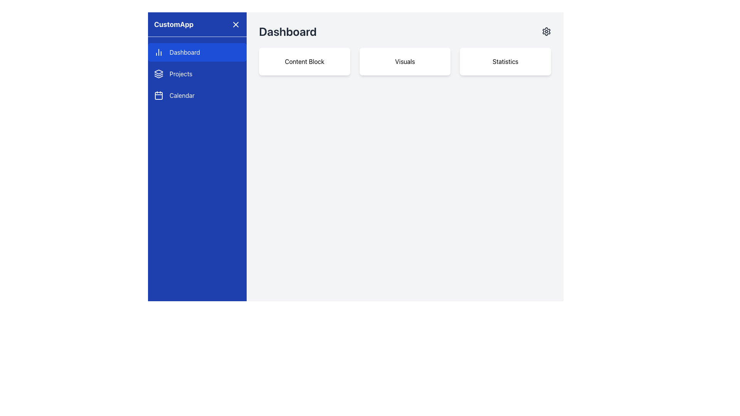  What do you see at coordinates (197, 52) in the screenshot?
I see `the blue 'Dashboard' button located at the top of the left side navigation bar` at bounding box center [197, 52].